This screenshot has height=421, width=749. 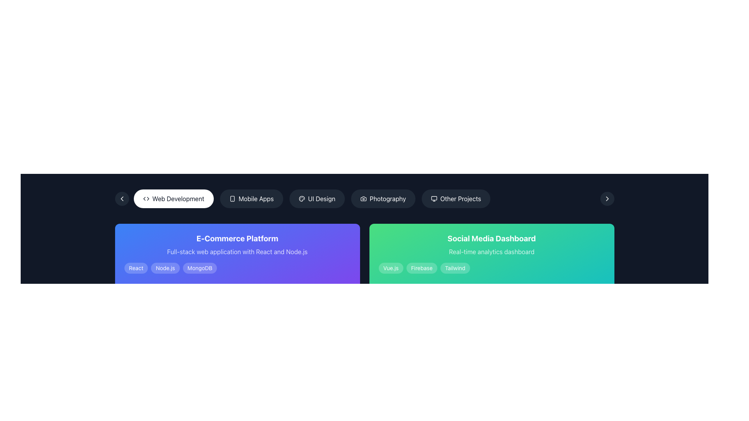 I want to click on the 'Other Projects' button, which is the fifth button in a horizontal list, so click(x=456, y=198).